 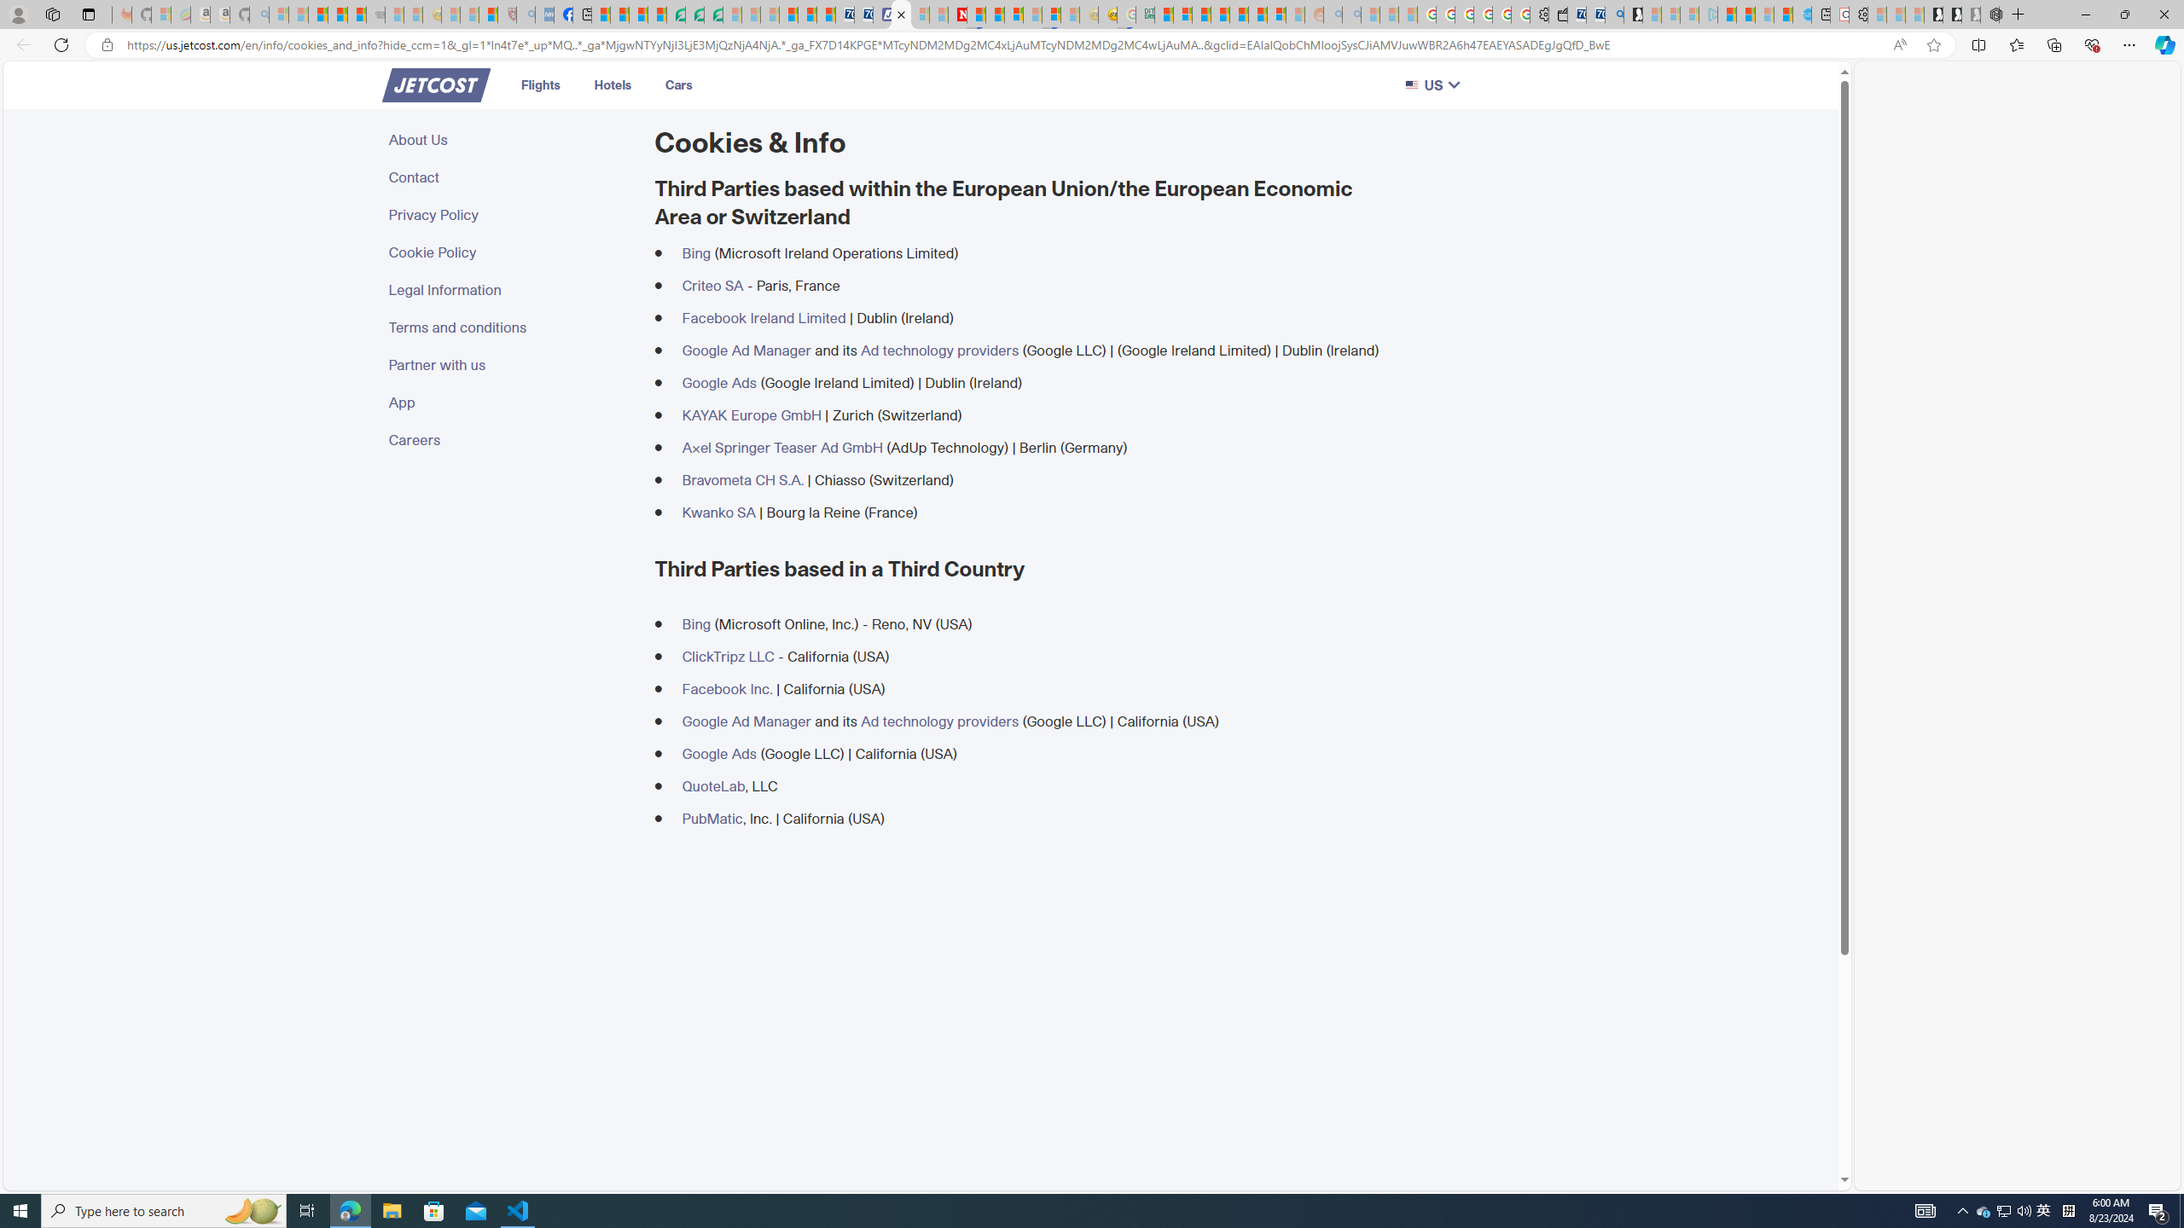 I want to click on 'Cookie Policy', so click(x=511, y=251).